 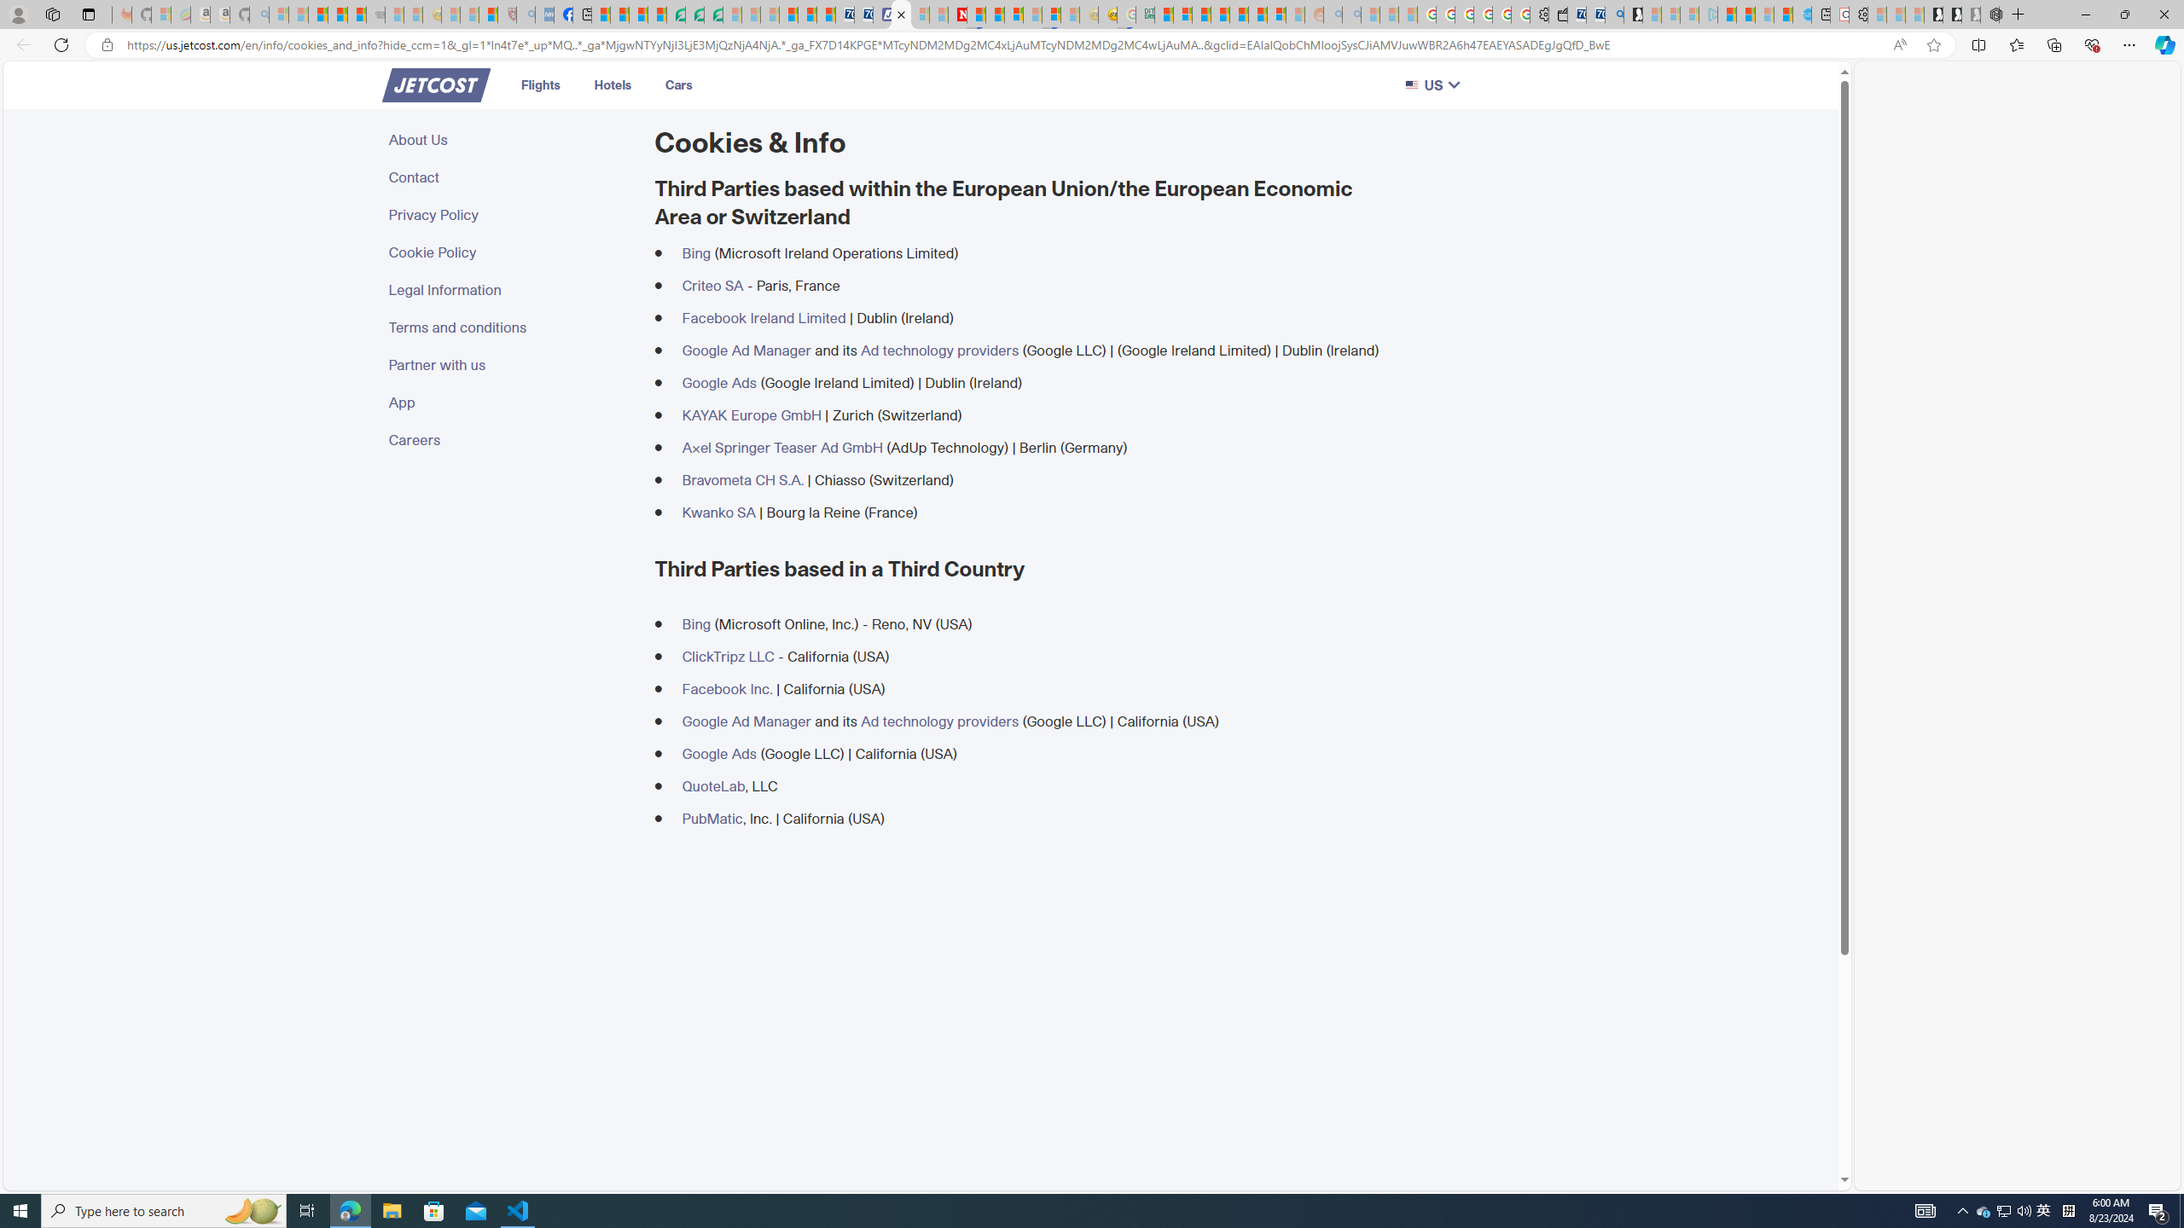 I want to click on 'Cookie Policy', so click(x=511, y=251).